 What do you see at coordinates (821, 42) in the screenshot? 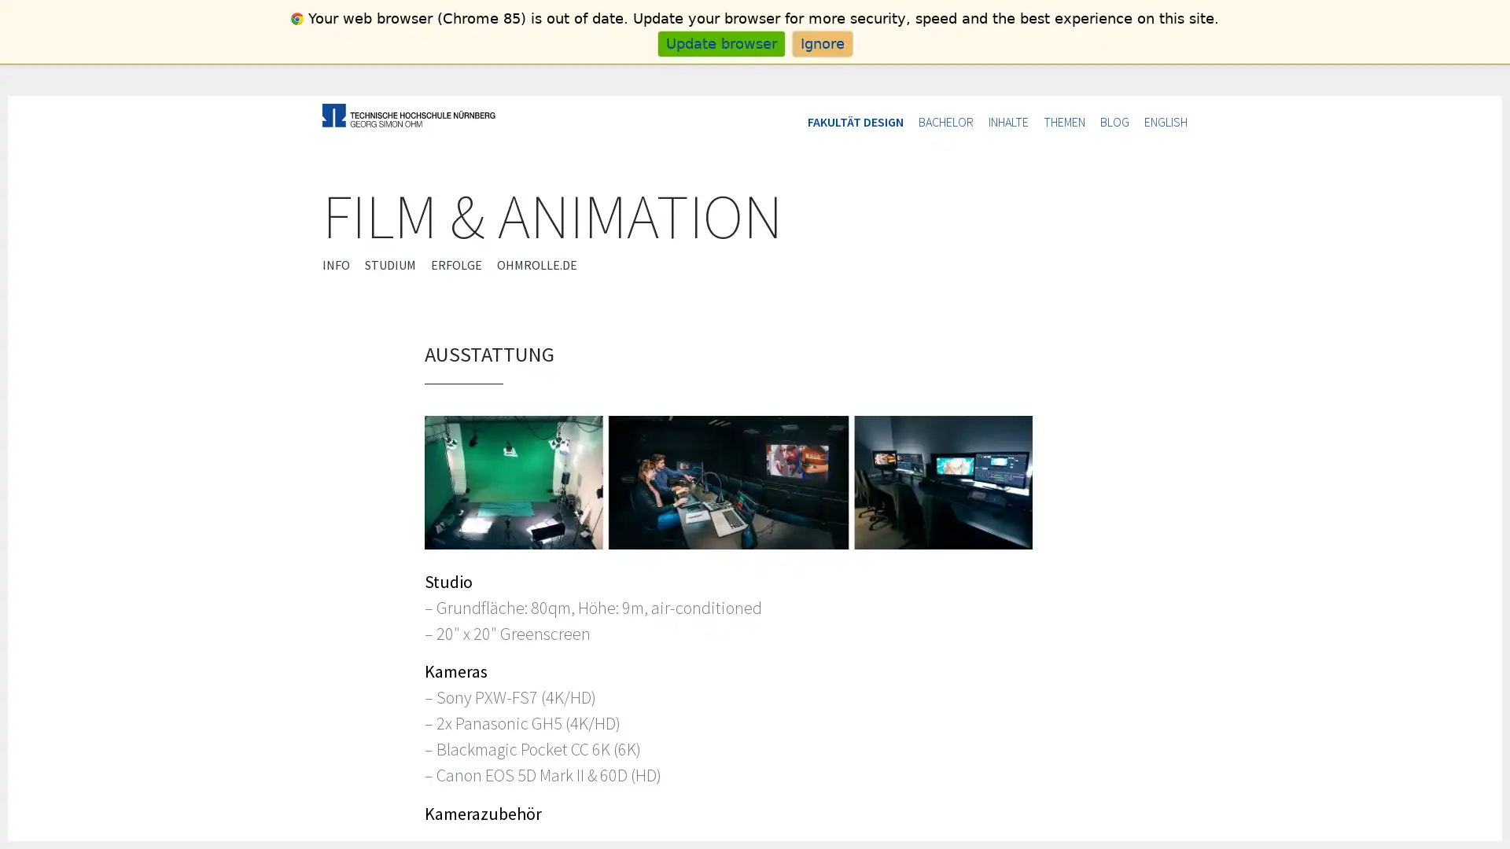
I see `Ignore` at bounding box center [821, 42].